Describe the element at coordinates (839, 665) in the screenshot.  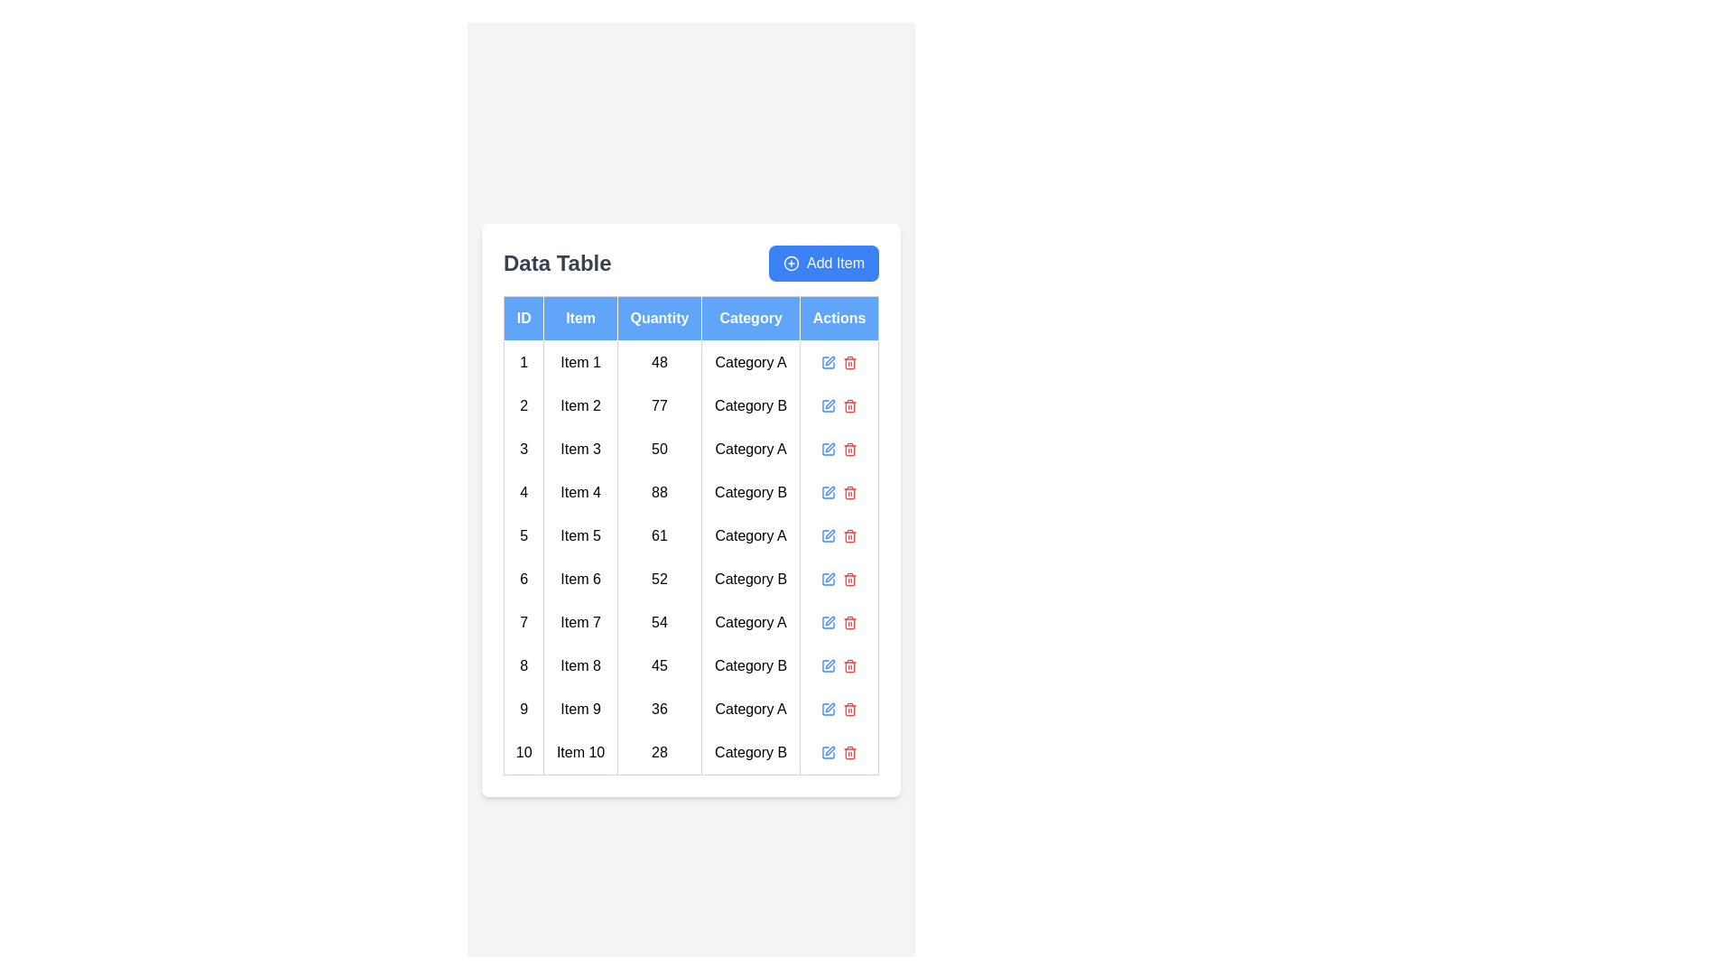
I see `the edit icon in the Actions column of the data table corresponding to Item 8` at that location.